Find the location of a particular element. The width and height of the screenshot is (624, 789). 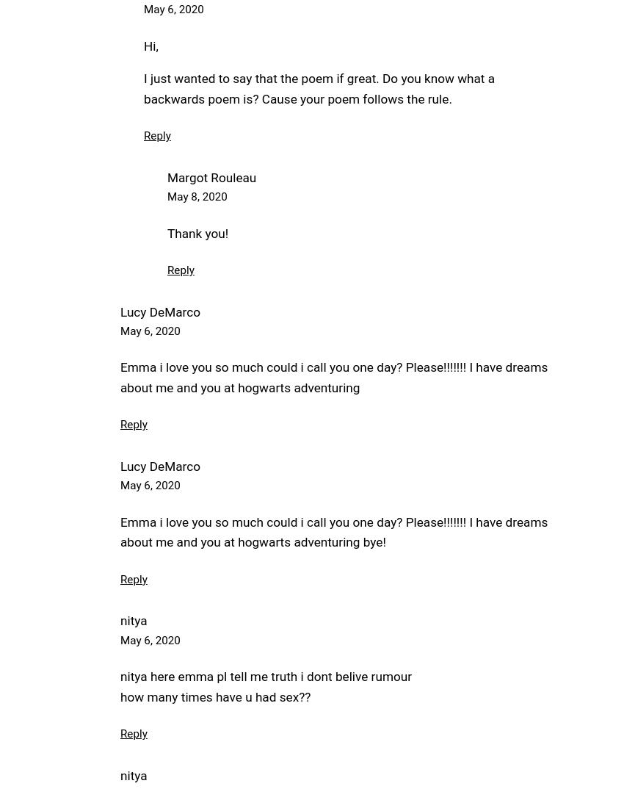

'I just wanted to say that the poem if great. Do you know what a backwards poem is? Cause your poem follows the rule.' is located at coordinates (319, 87).